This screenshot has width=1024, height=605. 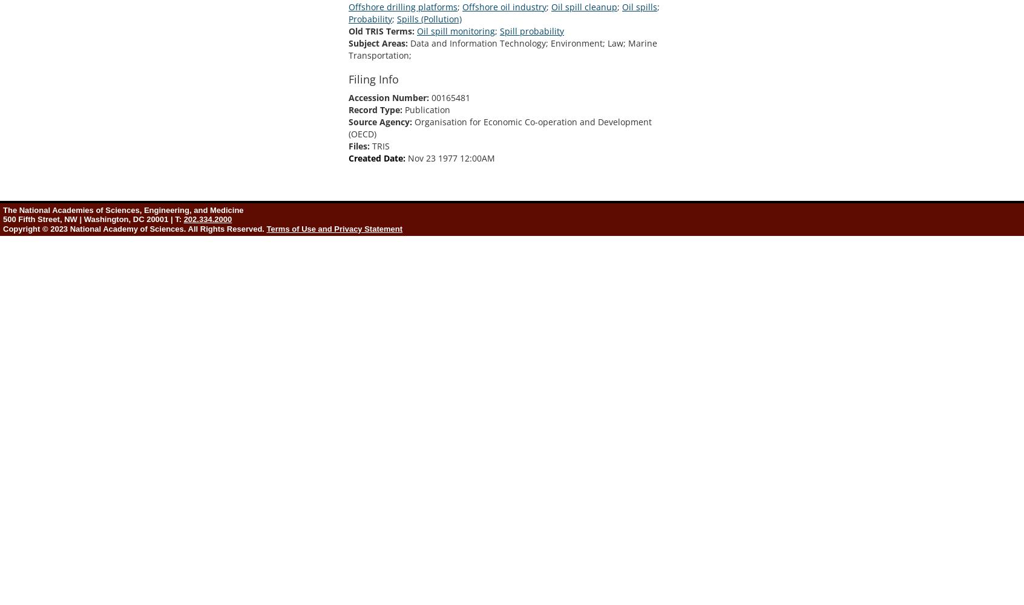 What do you see at coordinates (334, 229) in the screenshot?
I see `'Terms of Use and Privacy Statement'` at bounding box center [334, 229].